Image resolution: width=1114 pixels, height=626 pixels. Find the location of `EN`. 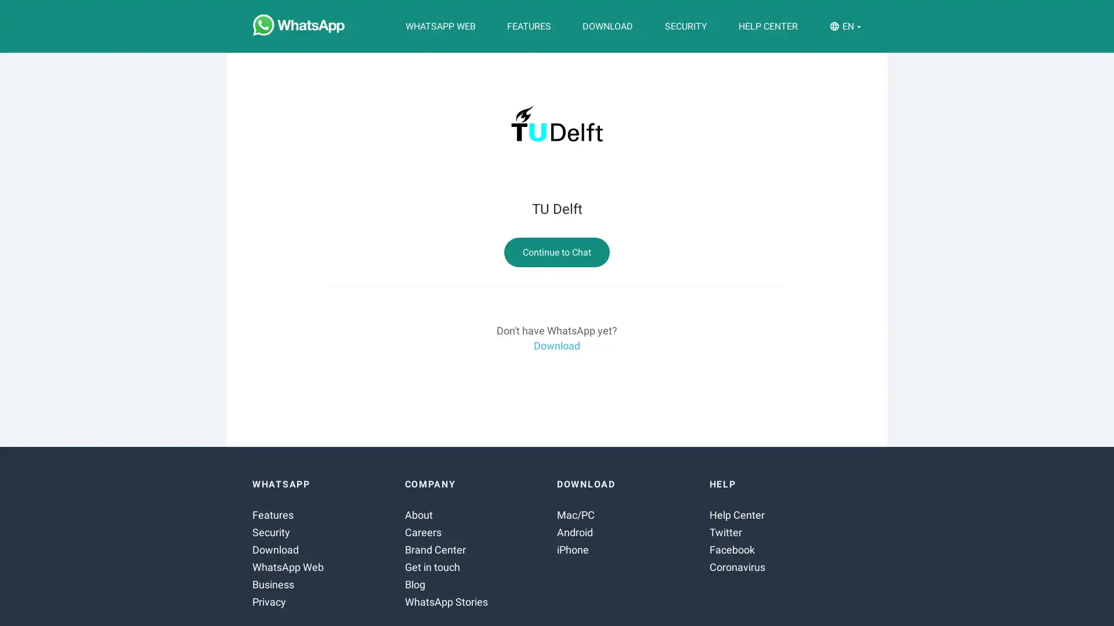

EN is located at coordinates (845, 26).